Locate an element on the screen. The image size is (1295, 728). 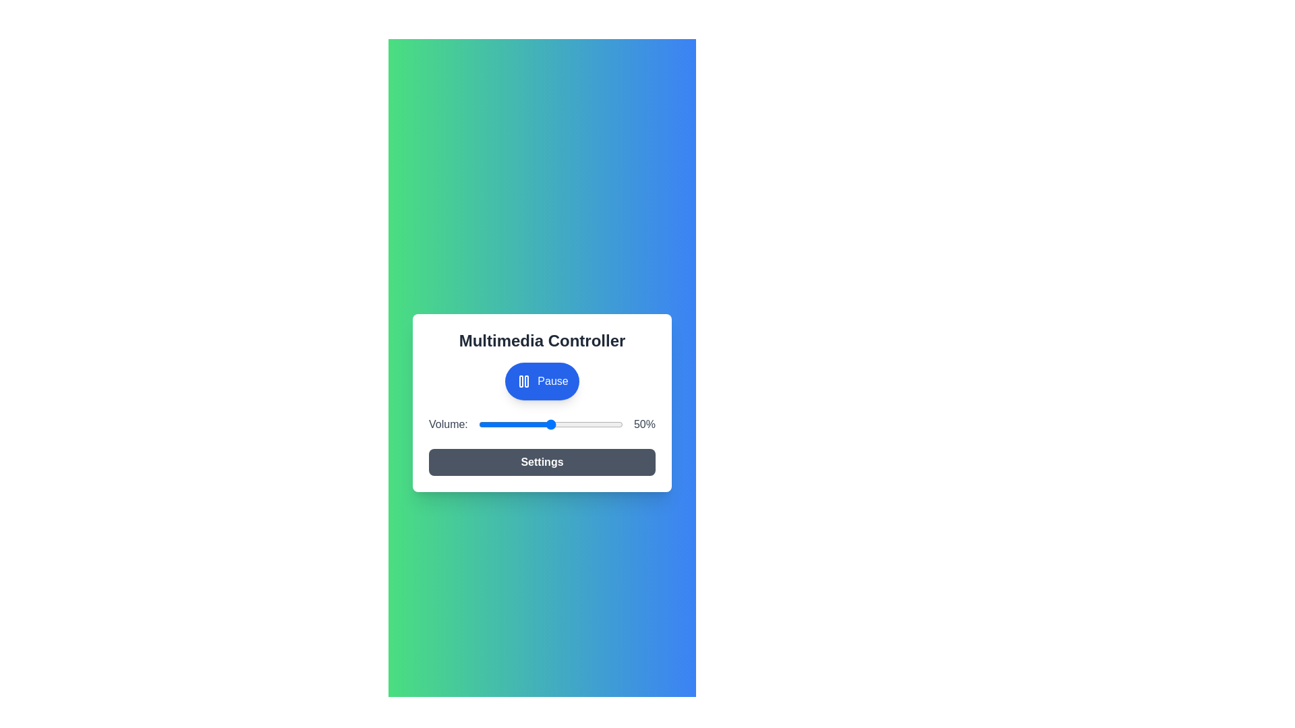
the volume is located at coordinates (575, 423).